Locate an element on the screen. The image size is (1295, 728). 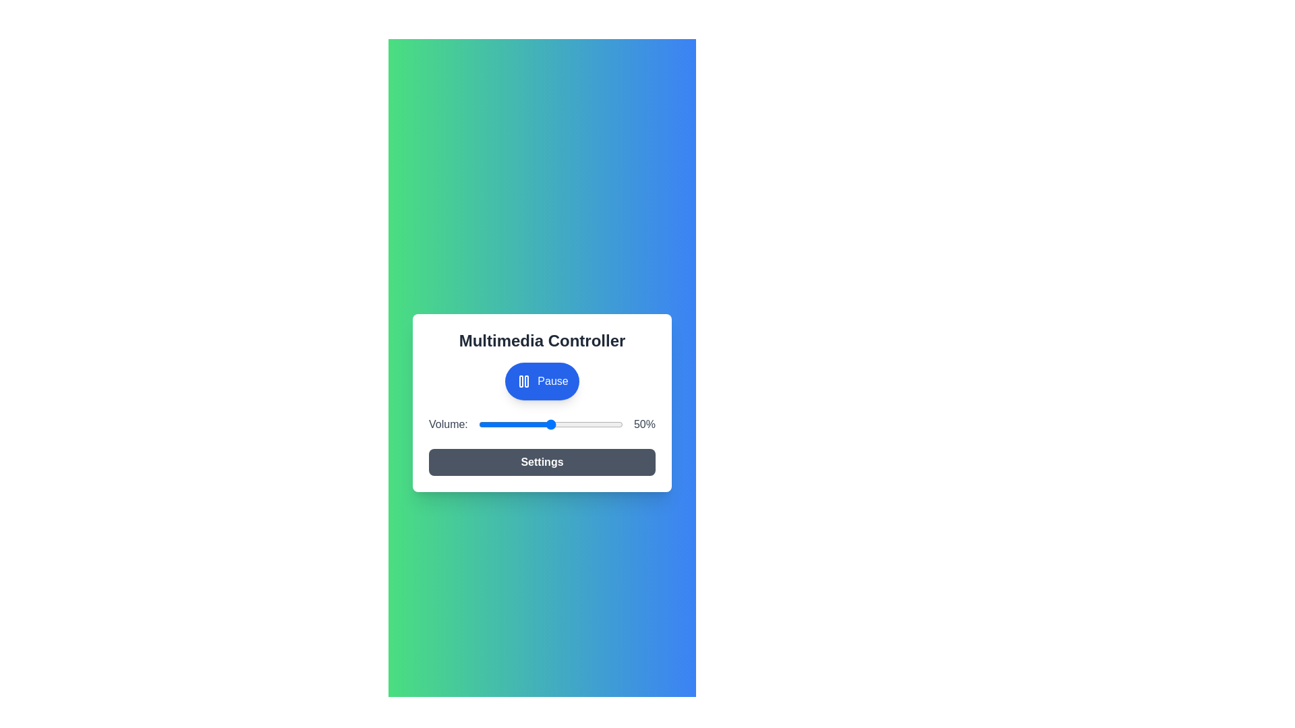
the volume is located at coordinates (575, 423).